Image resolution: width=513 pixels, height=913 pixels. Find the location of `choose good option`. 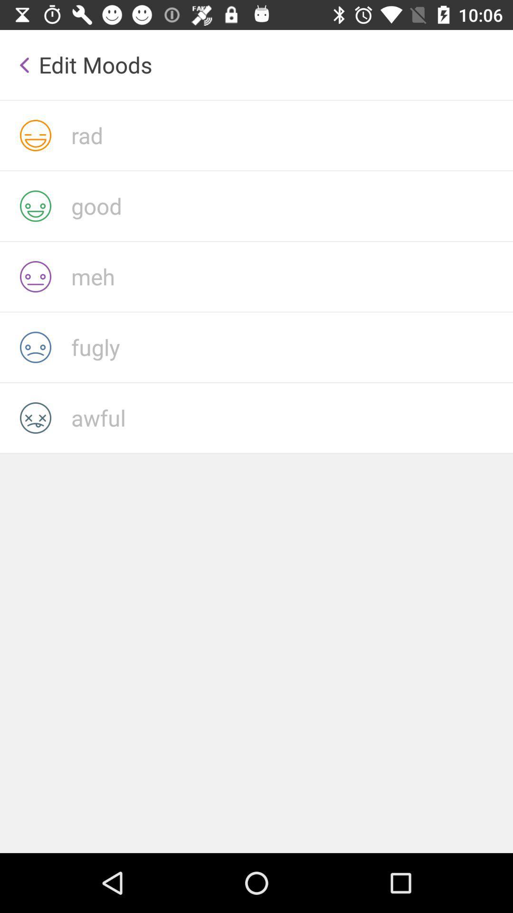

choose good option is located at coordinates (291, 205).